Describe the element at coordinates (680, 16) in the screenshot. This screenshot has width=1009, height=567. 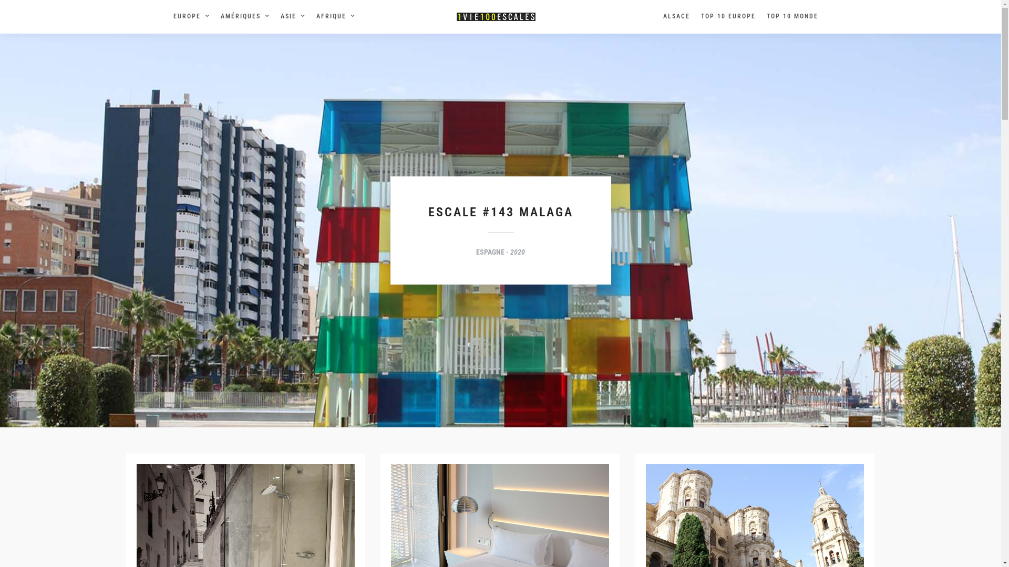
I see `'ALSACE'` at that location.